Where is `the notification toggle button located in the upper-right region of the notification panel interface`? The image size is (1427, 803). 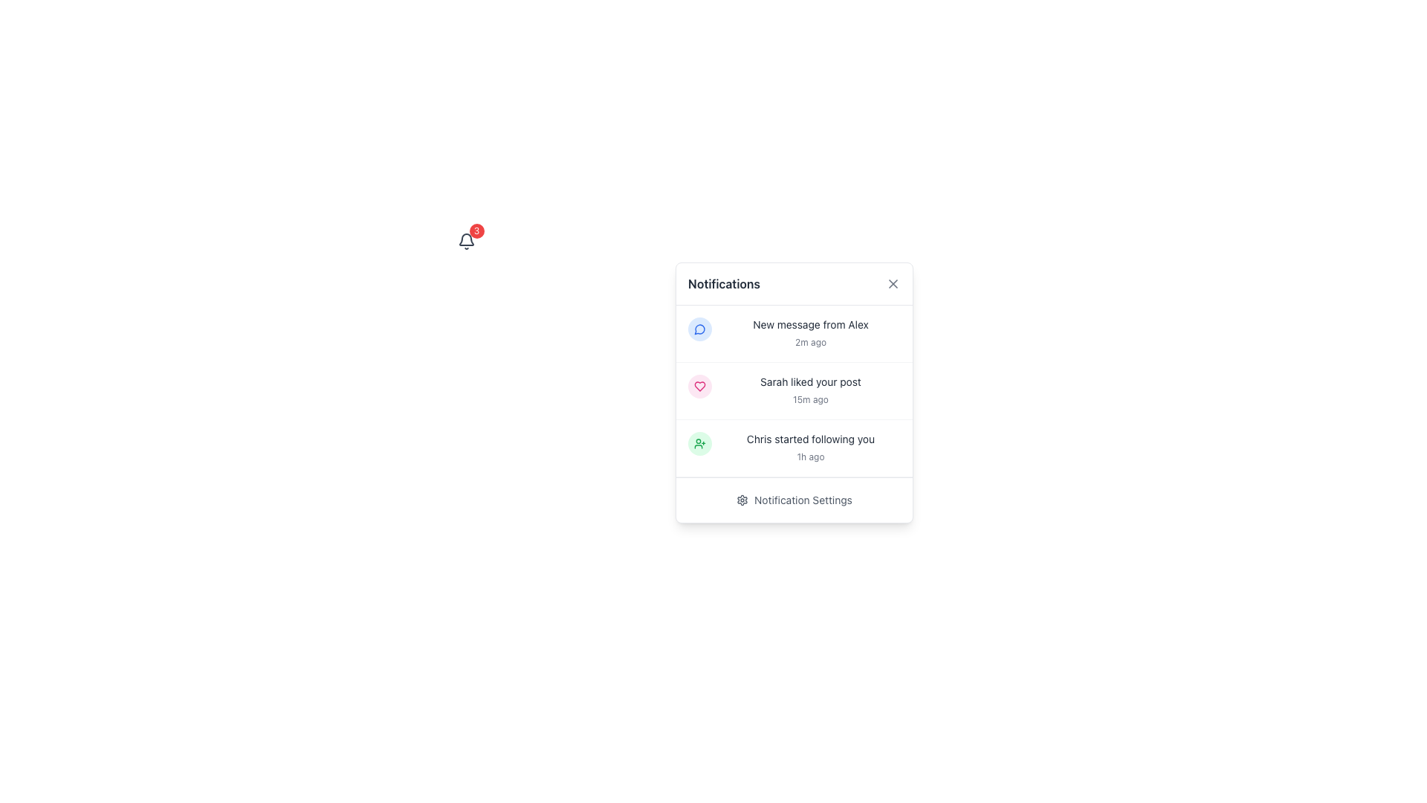 the notification toggle button located in the upper-right region of the notification panel interface is located at coordinates (465, 240).